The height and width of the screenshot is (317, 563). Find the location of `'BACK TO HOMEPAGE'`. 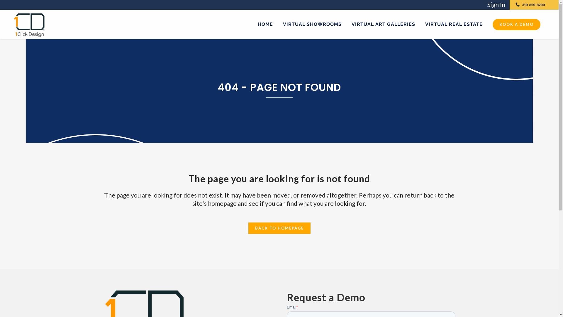

'BACK TO HOMEPAGE' is located at coordinates (279, 228).